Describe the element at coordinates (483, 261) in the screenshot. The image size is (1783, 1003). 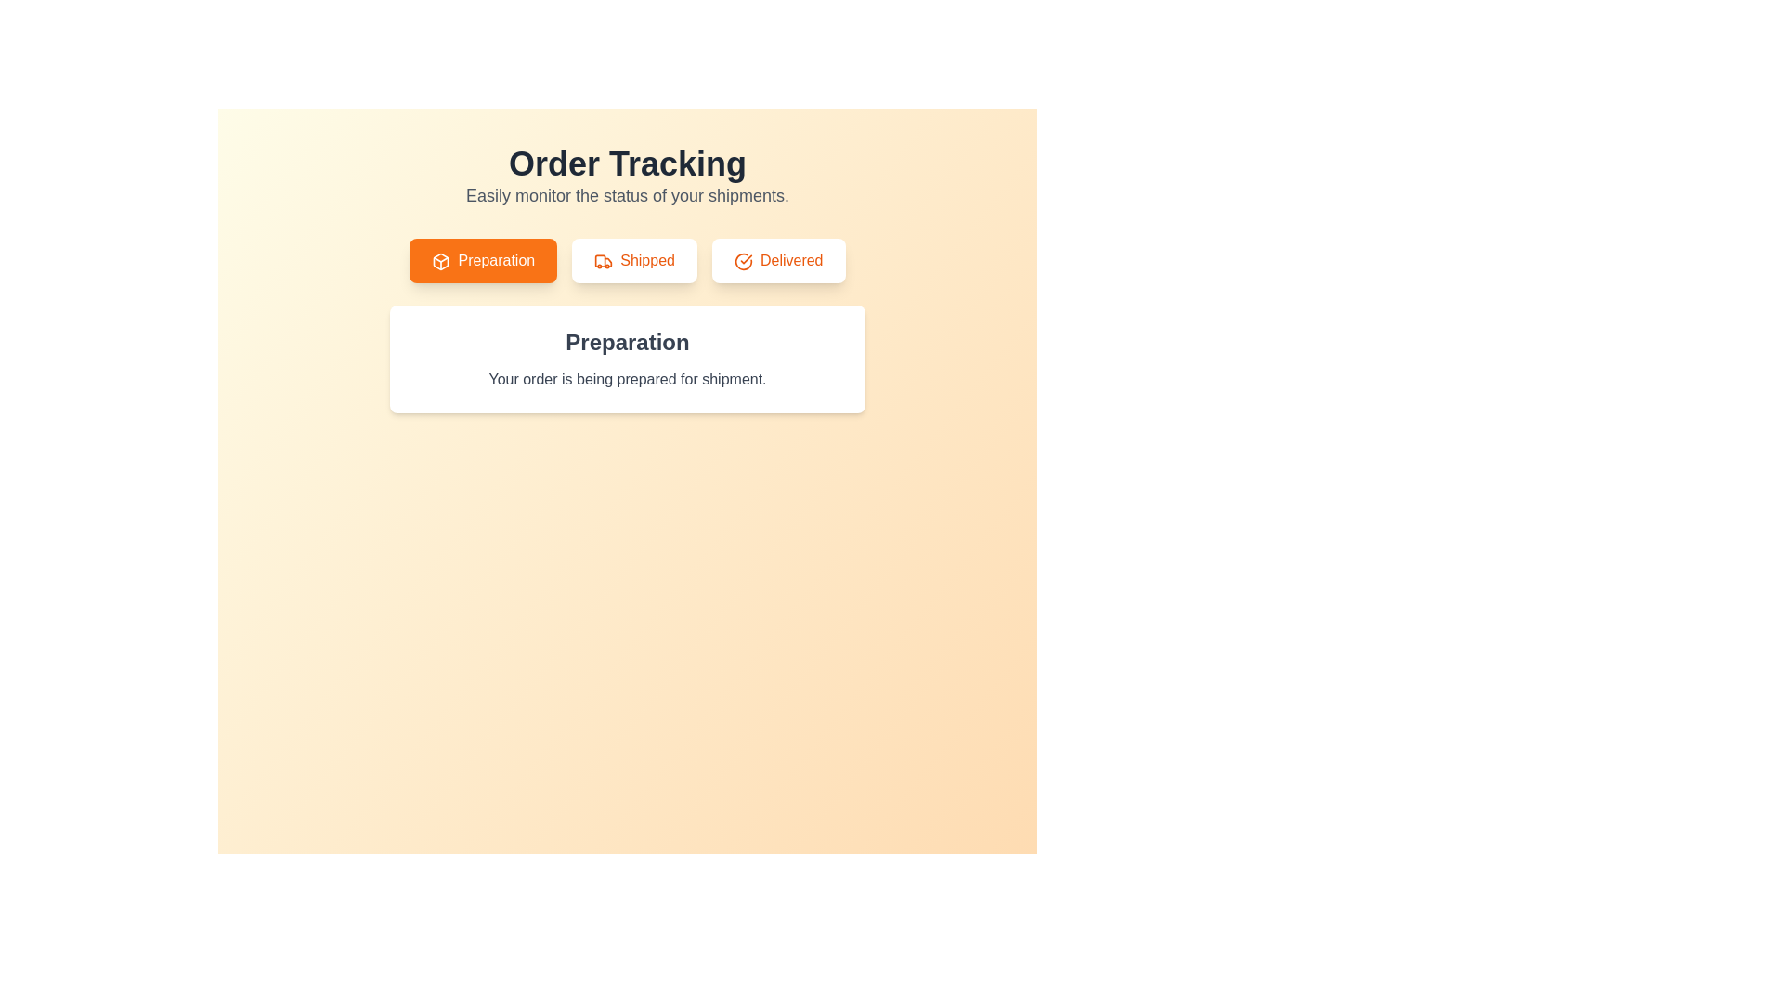
I see `the Preparation tab to view its content` at that location.